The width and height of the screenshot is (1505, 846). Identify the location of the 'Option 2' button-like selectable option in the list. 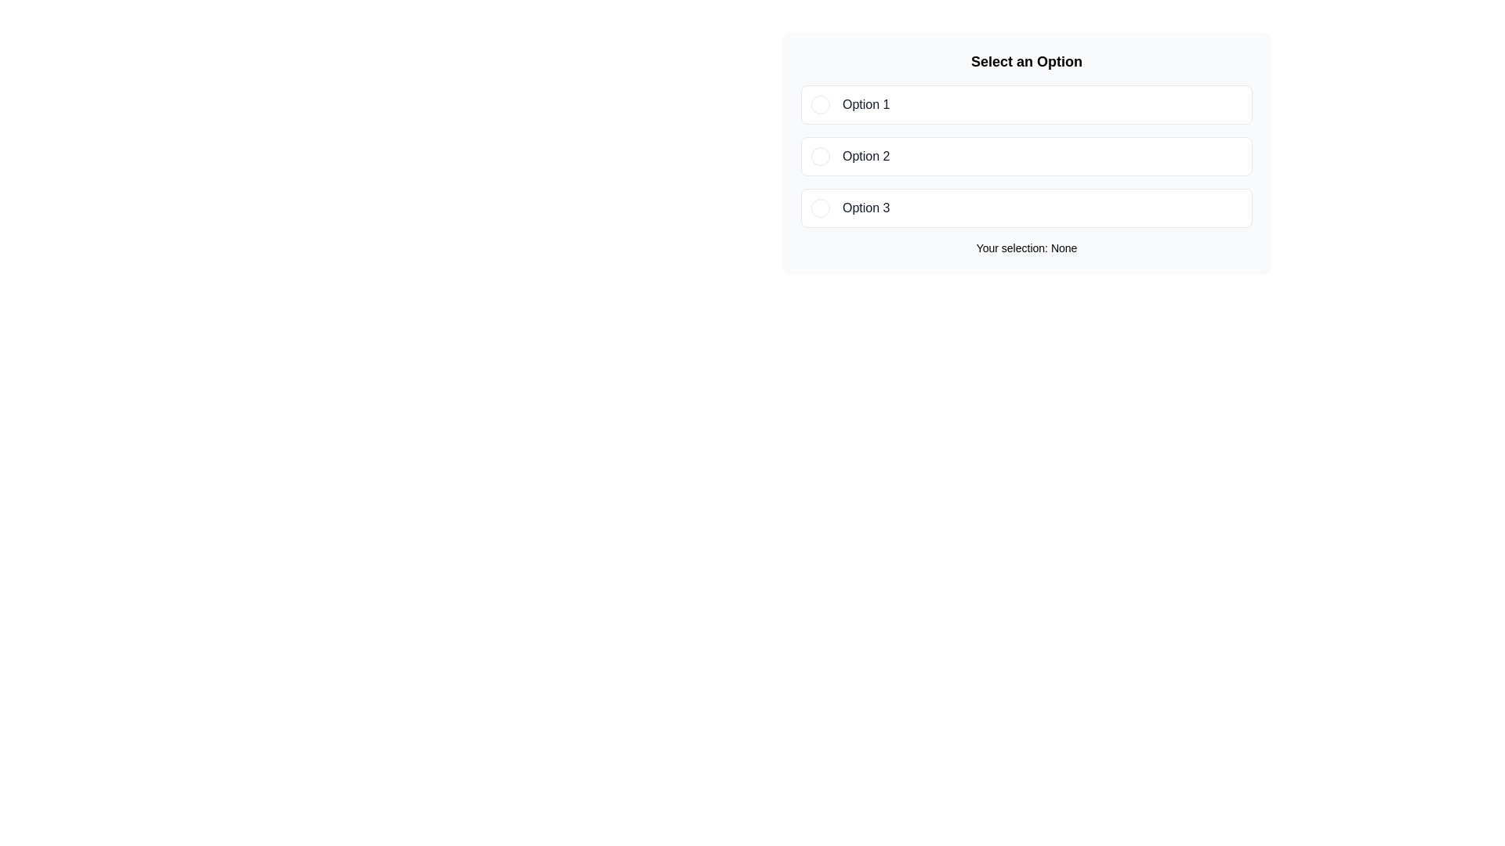
(1027, 157).